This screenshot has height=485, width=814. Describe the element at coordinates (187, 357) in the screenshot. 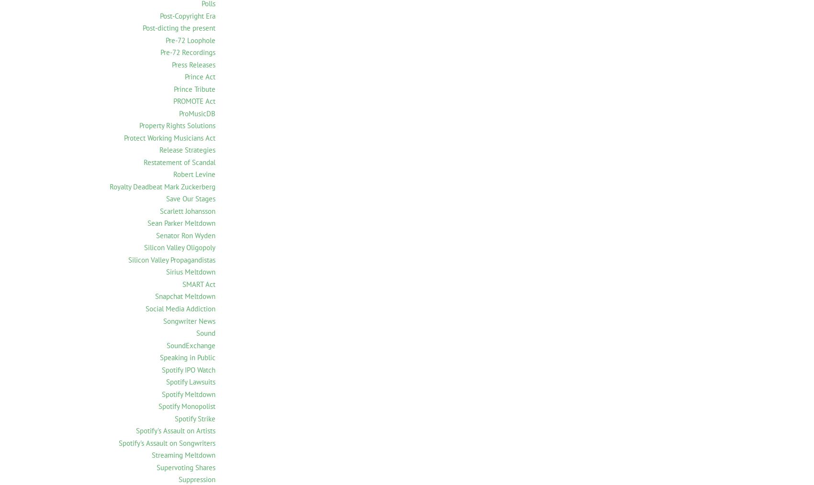

I see `'Speaking in Public'` at that location.